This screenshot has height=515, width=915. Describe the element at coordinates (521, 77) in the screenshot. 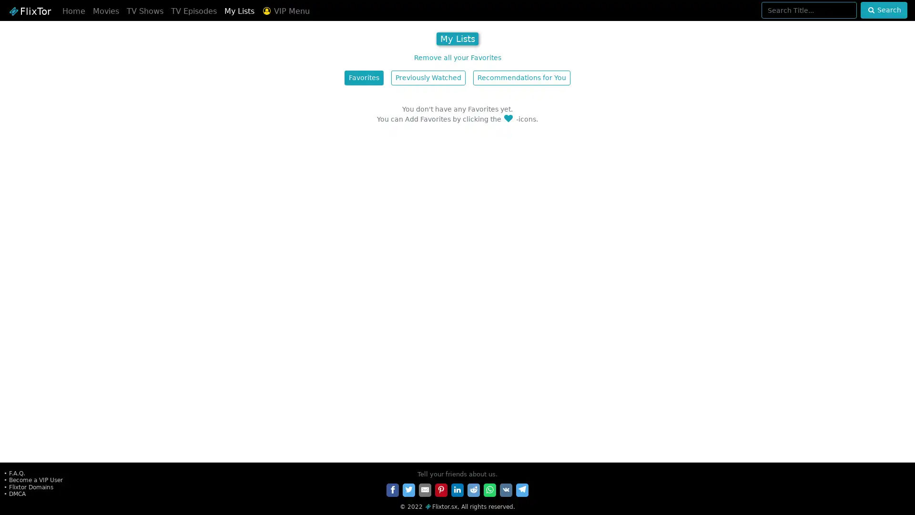

I see `Recommendations for You` at that location.